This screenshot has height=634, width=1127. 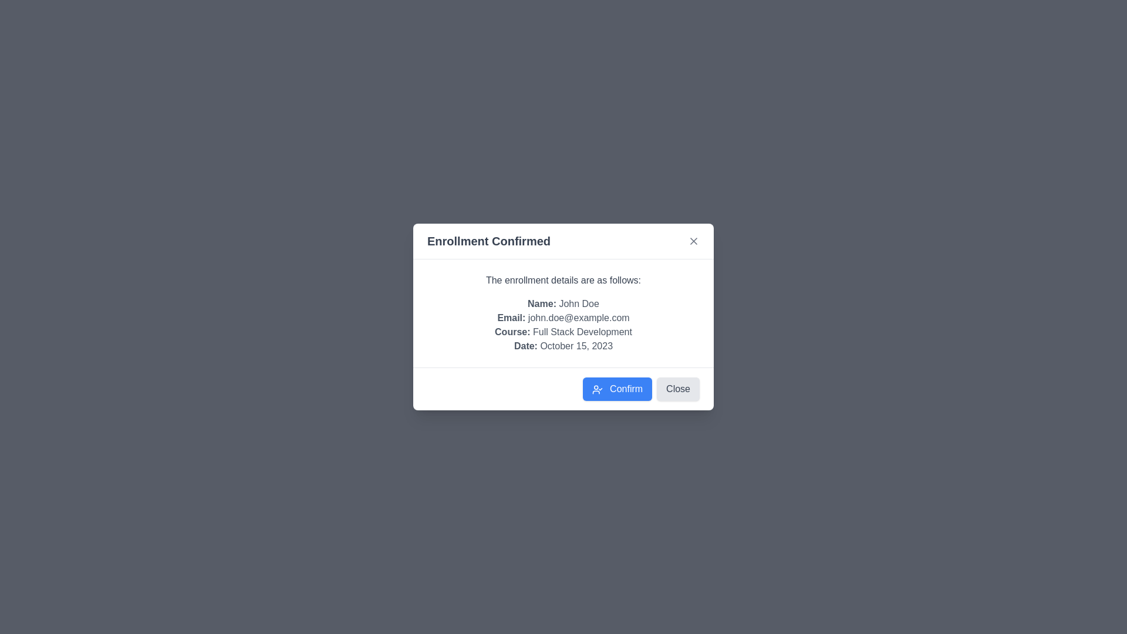 I want to click on the 'X' button in the top-right corner of the dialog to close it, so click(x=693, y=241).